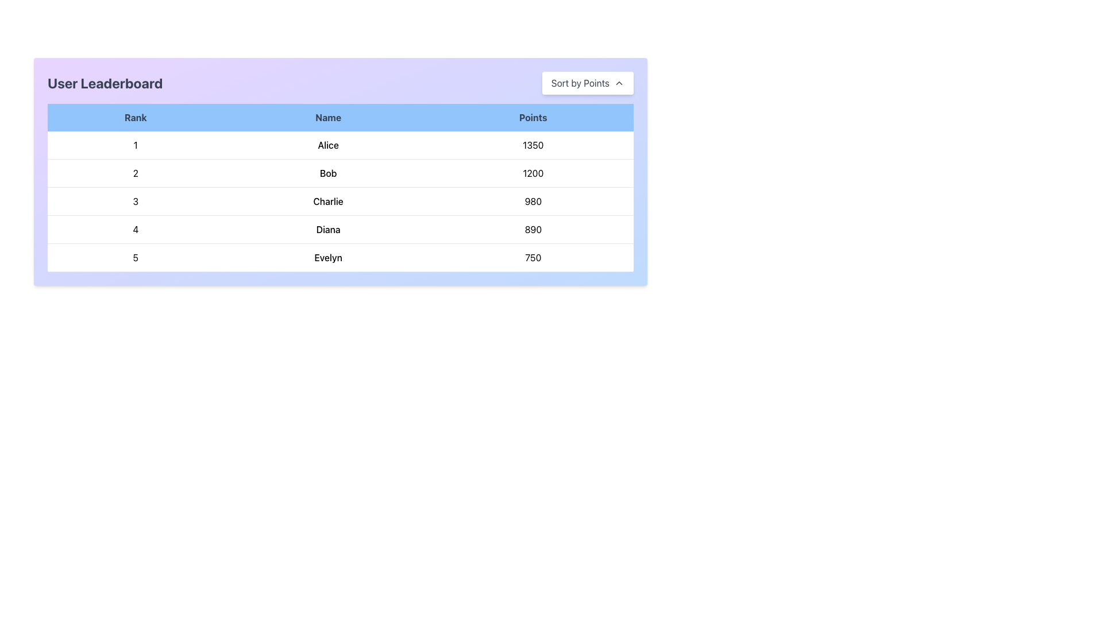 This screenshot has height=620, width=1103. What do you see at coordinates (136, 117) in the screenshot?
I see `the 'Rank' text label, which is the first header in the table indicating rank numbers, located at the leftmost side of the blue header bar` at bounding box center [136, 117].